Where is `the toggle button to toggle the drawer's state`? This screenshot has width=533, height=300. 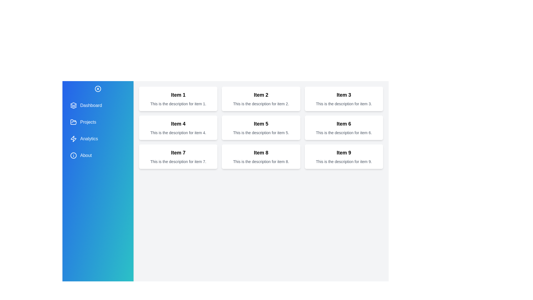 the toggle button to toggle the drawer's state is located at coordinates (98, 89).